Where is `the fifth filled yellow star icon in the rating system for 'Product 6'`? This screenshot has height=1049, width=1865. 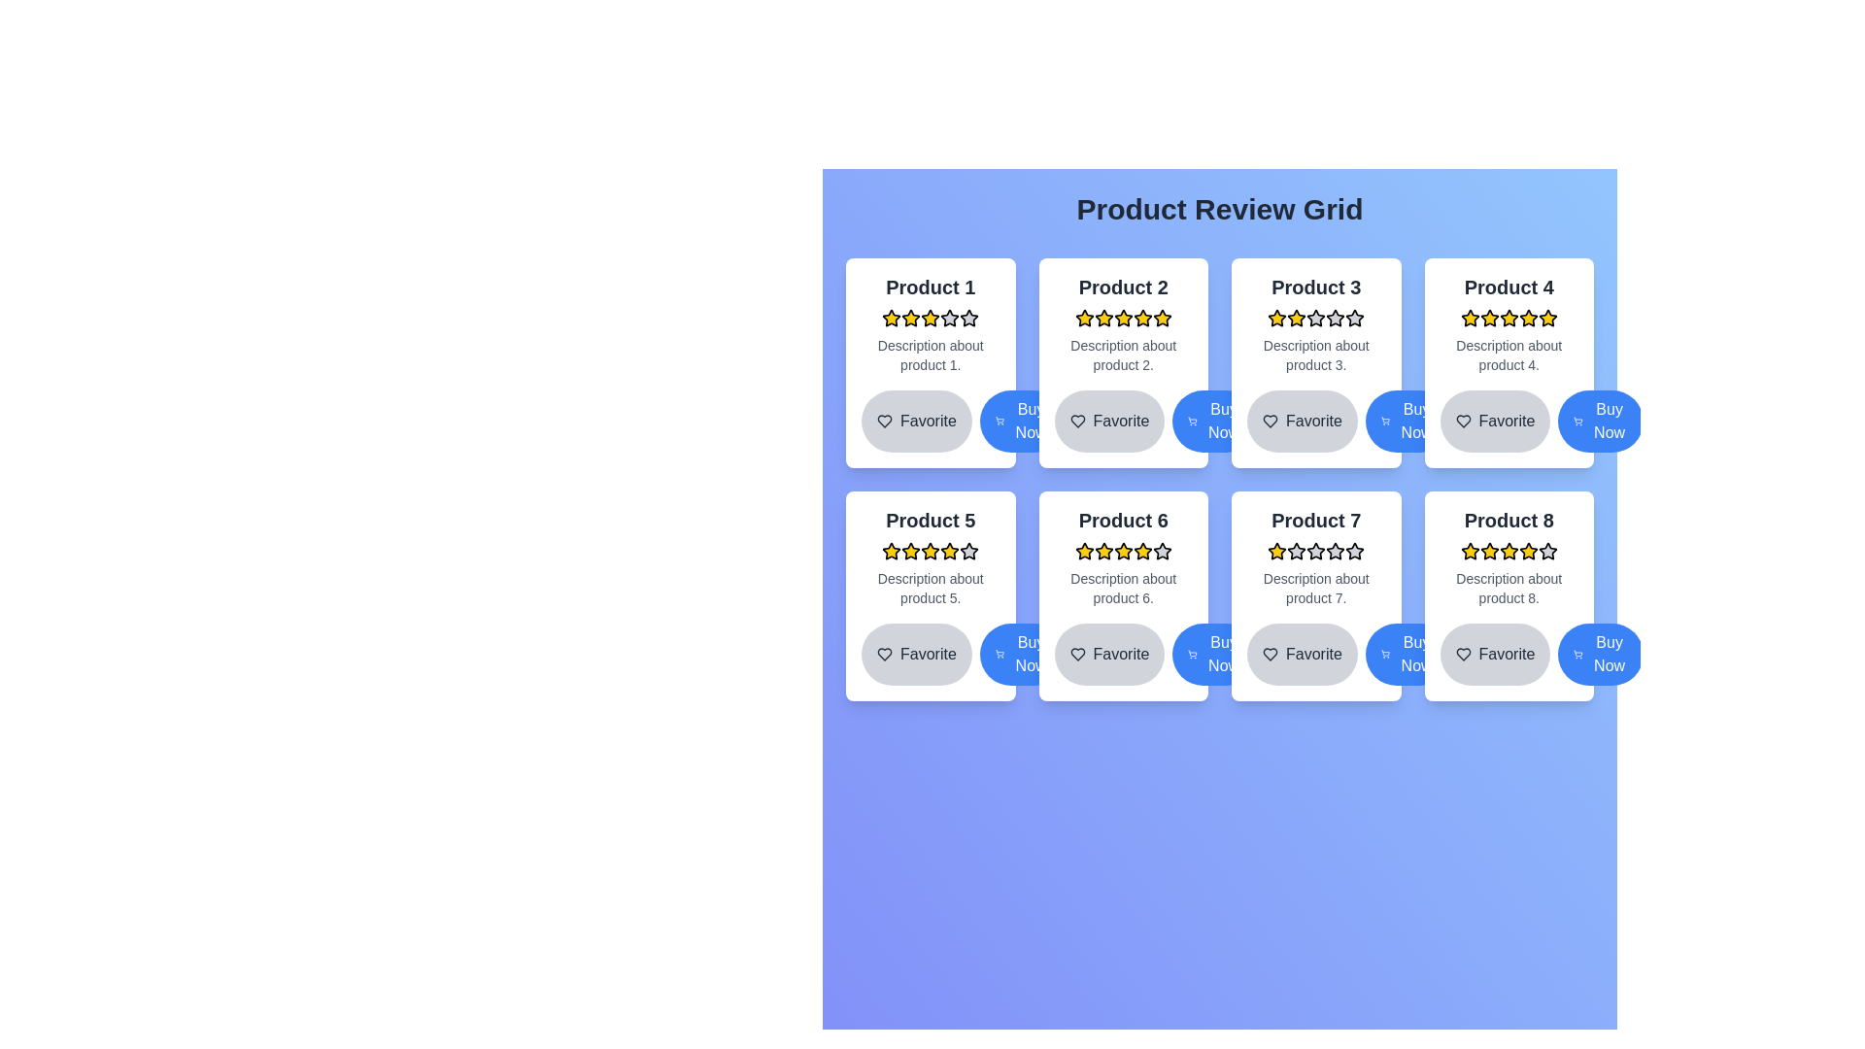 the fifth filled yellow star icon in the rating system for 'Product 6' is located at coordinates (1142, 551).